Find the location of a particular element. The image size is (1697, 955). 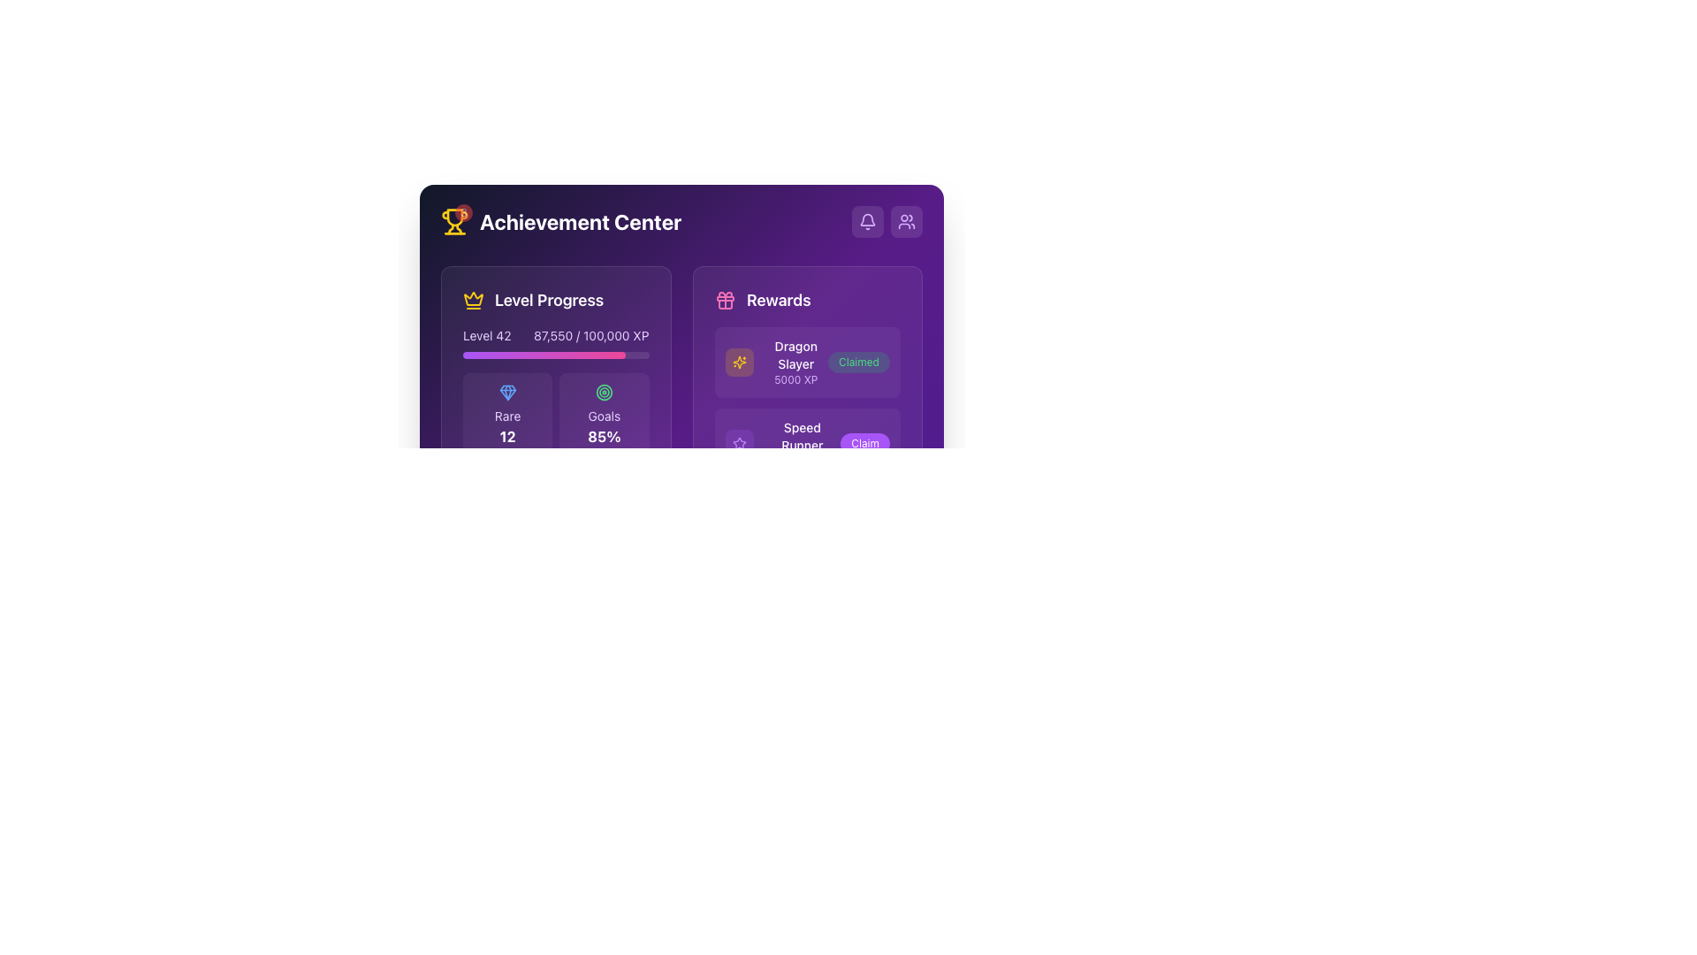

the 'Rewards' text label, which is displayed in bold white font and located to the right of a gift box icon in the upper-right corner of the section is located at coordinates (778, 299).